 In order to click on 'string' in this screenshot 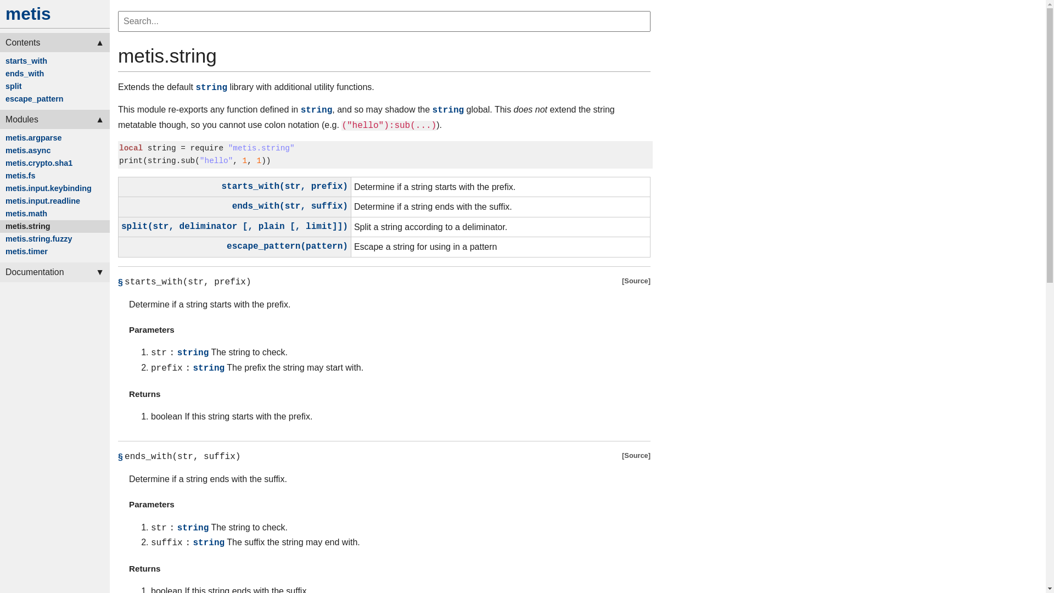, I will do `click(193, 353)`.